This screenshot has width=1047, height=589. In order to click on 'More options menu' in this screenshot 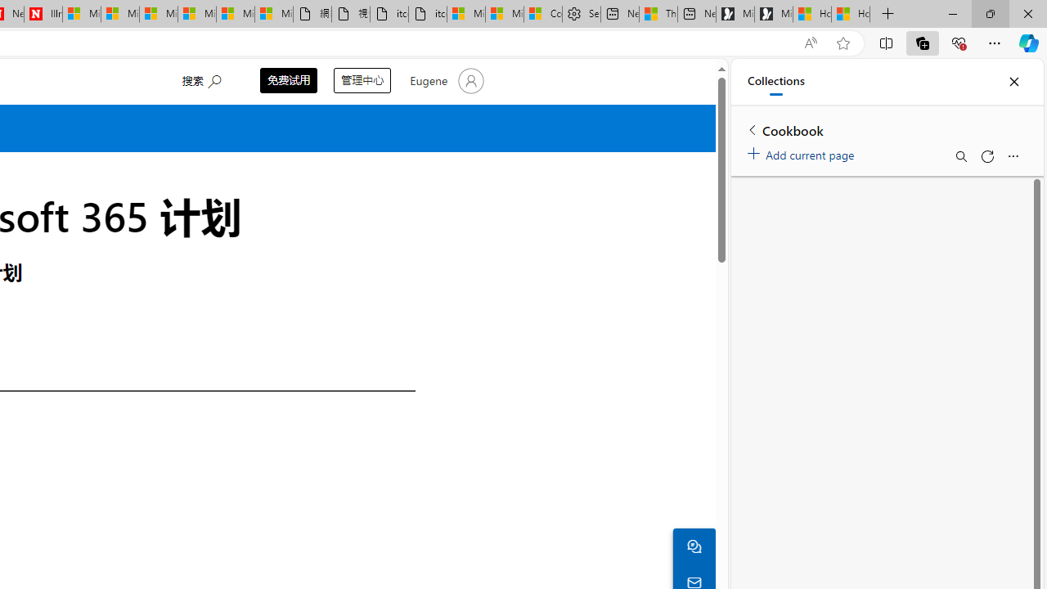, I will do `click(1012, 156)`.